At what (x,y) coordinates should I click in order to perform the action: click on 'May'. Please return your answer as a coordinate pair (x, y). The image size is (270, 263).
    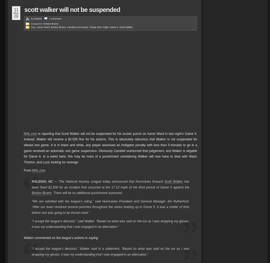
    Looking at the image, I should click on (16, 13).